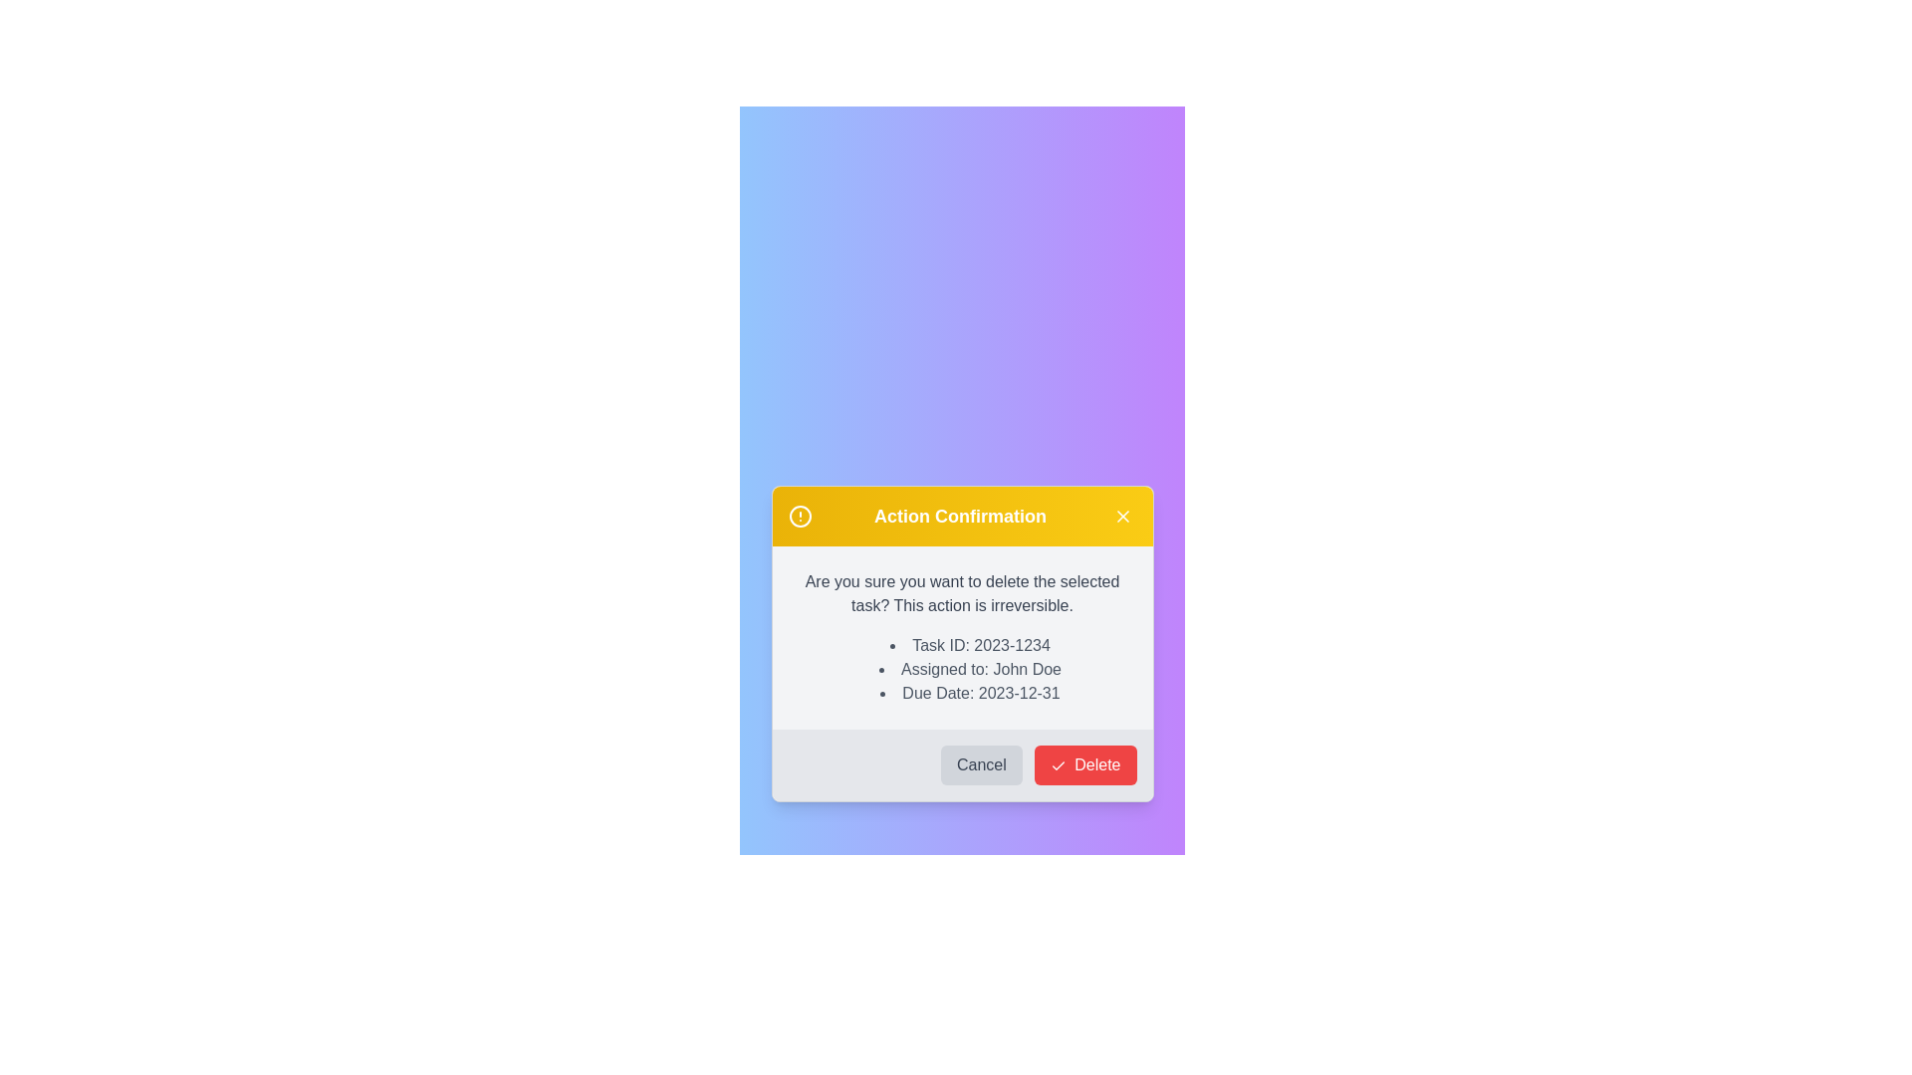  Describe the element at coordinates (1083, 763) in the screenshot. I see `the delete button located at the bottom-right corner of the dialog box` at that location.